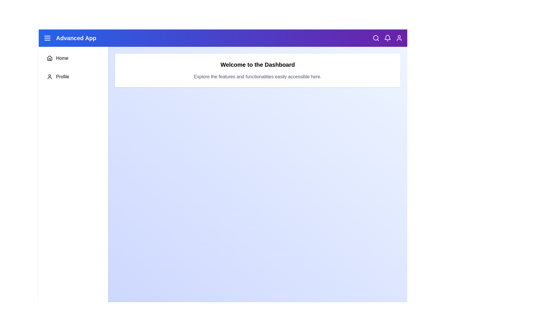 The width and height of the screenshot is (555, 312). Describe the element at coordinates (387, 38) in the screenshot. I see `the bell icon to view notifications` at that location.